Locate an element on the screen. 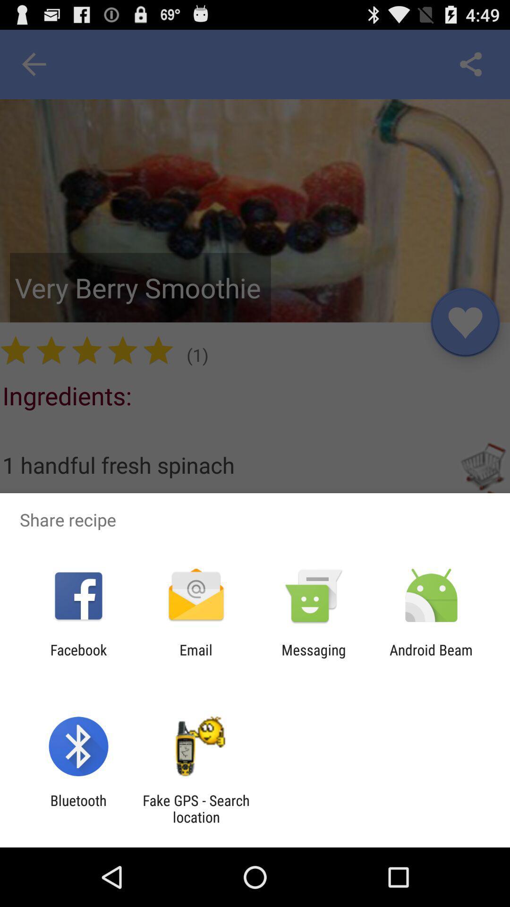 The height and width of the screenshot is (907, 510). the icon next to facebook is located at coordinates (195, 658).